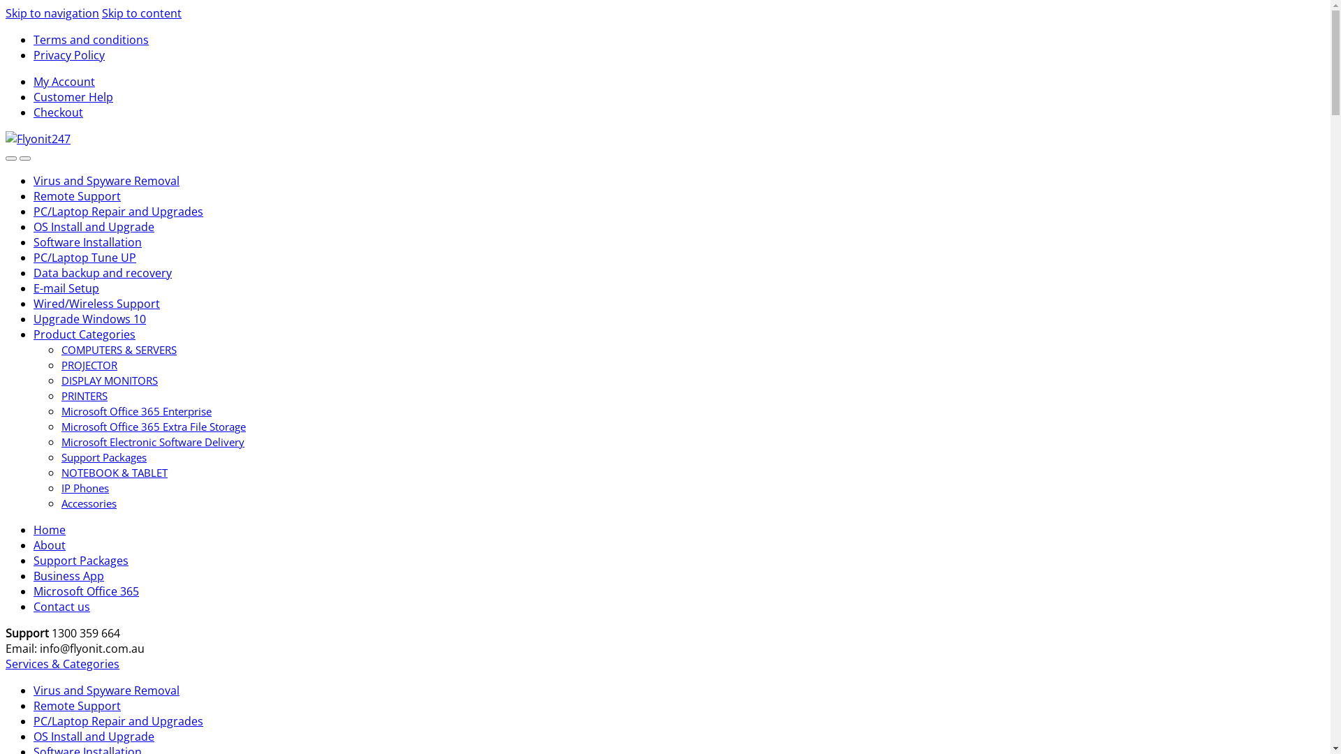  Describe the element at coordinates (102, 272) in the screenshot. I see `'Data backup and recovery'` at that location.